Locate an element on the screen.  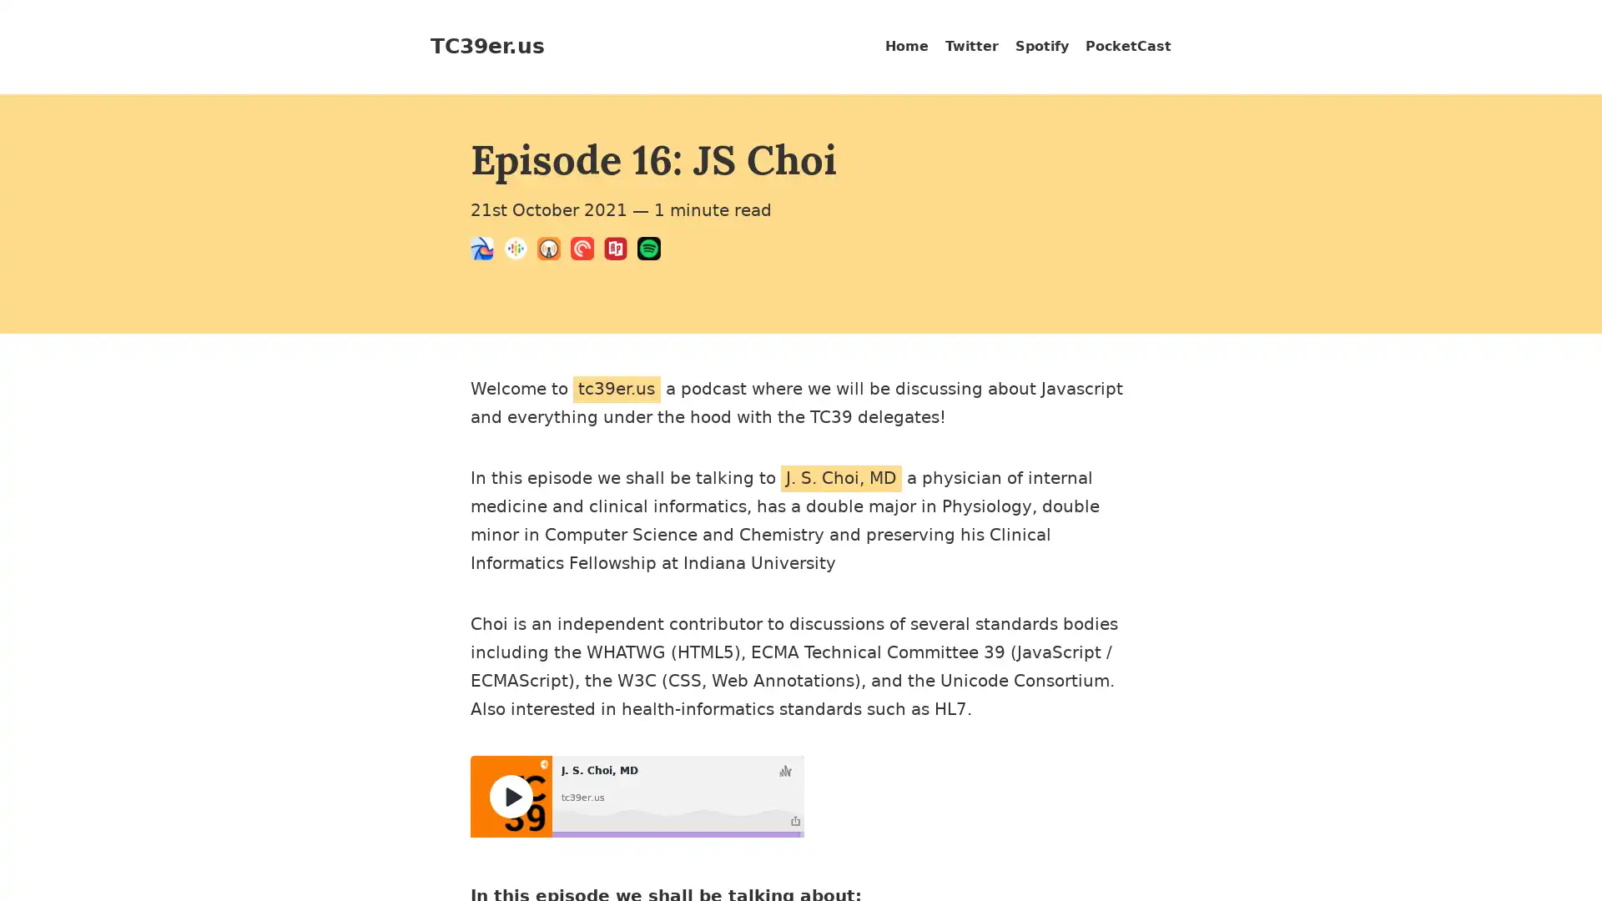
RadioPublic Logo is located at coordinates (620, 251).